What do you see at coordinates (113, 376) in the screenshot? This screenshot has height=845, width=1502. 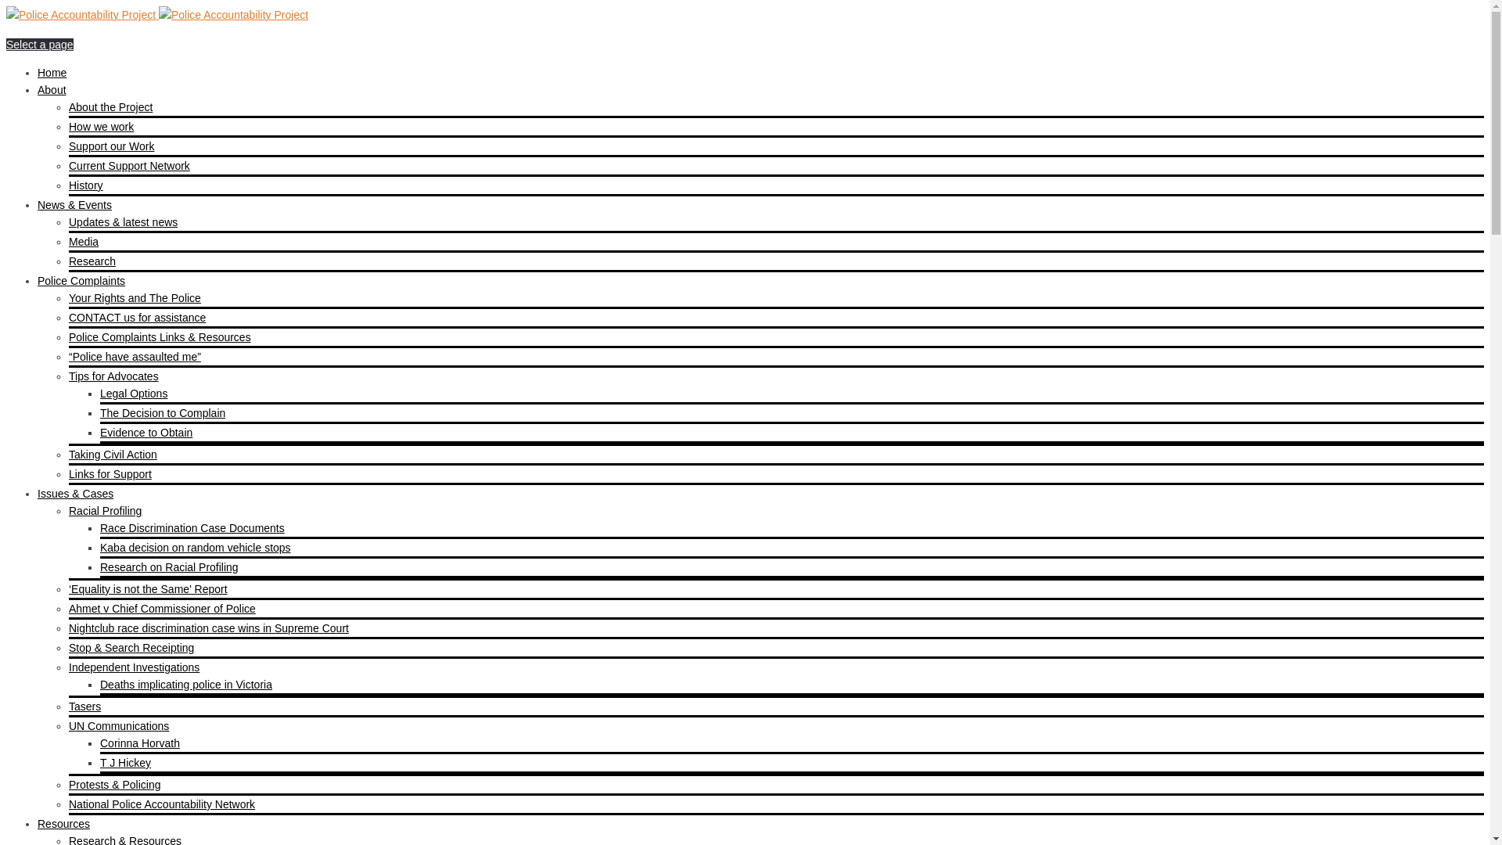 I see `'Tips for Advocates'` at bounding box center [113, 376].